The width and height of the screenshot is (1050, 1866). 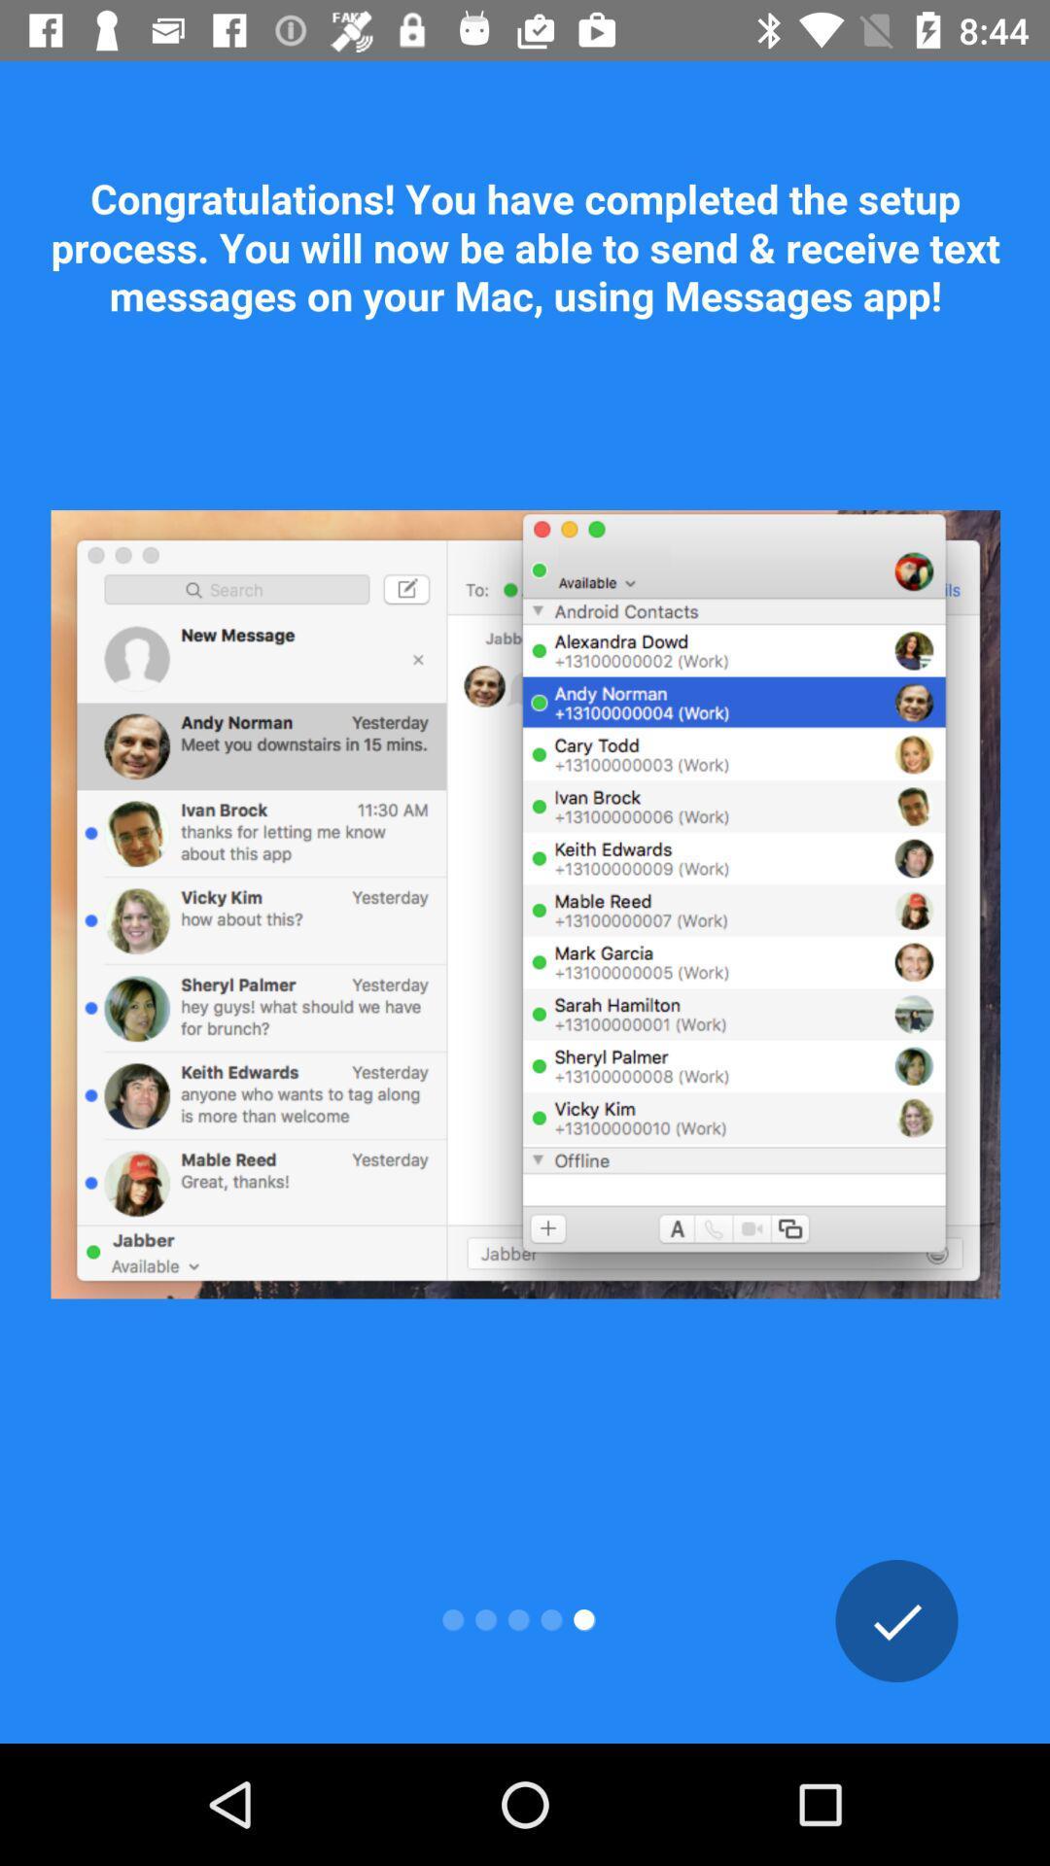 What do you see at coordinates (896, 1620) in the screenshot?
I see `button` at bounding box center [896, 1620].